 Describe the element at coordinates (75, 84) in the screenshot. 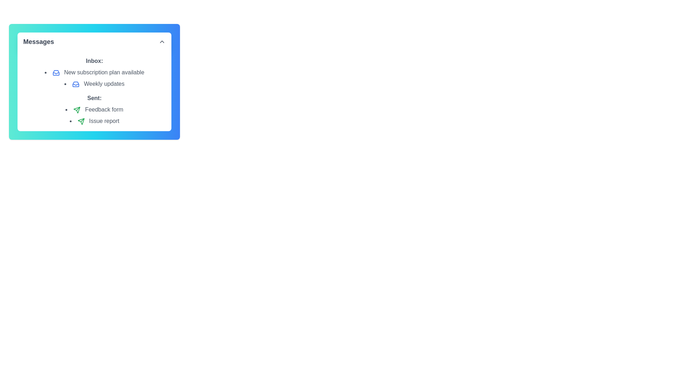

I see `the 'Inbox' icon located in the 'Messages' section, which is directly to the left of the 'Weekly updates' text` at that location.